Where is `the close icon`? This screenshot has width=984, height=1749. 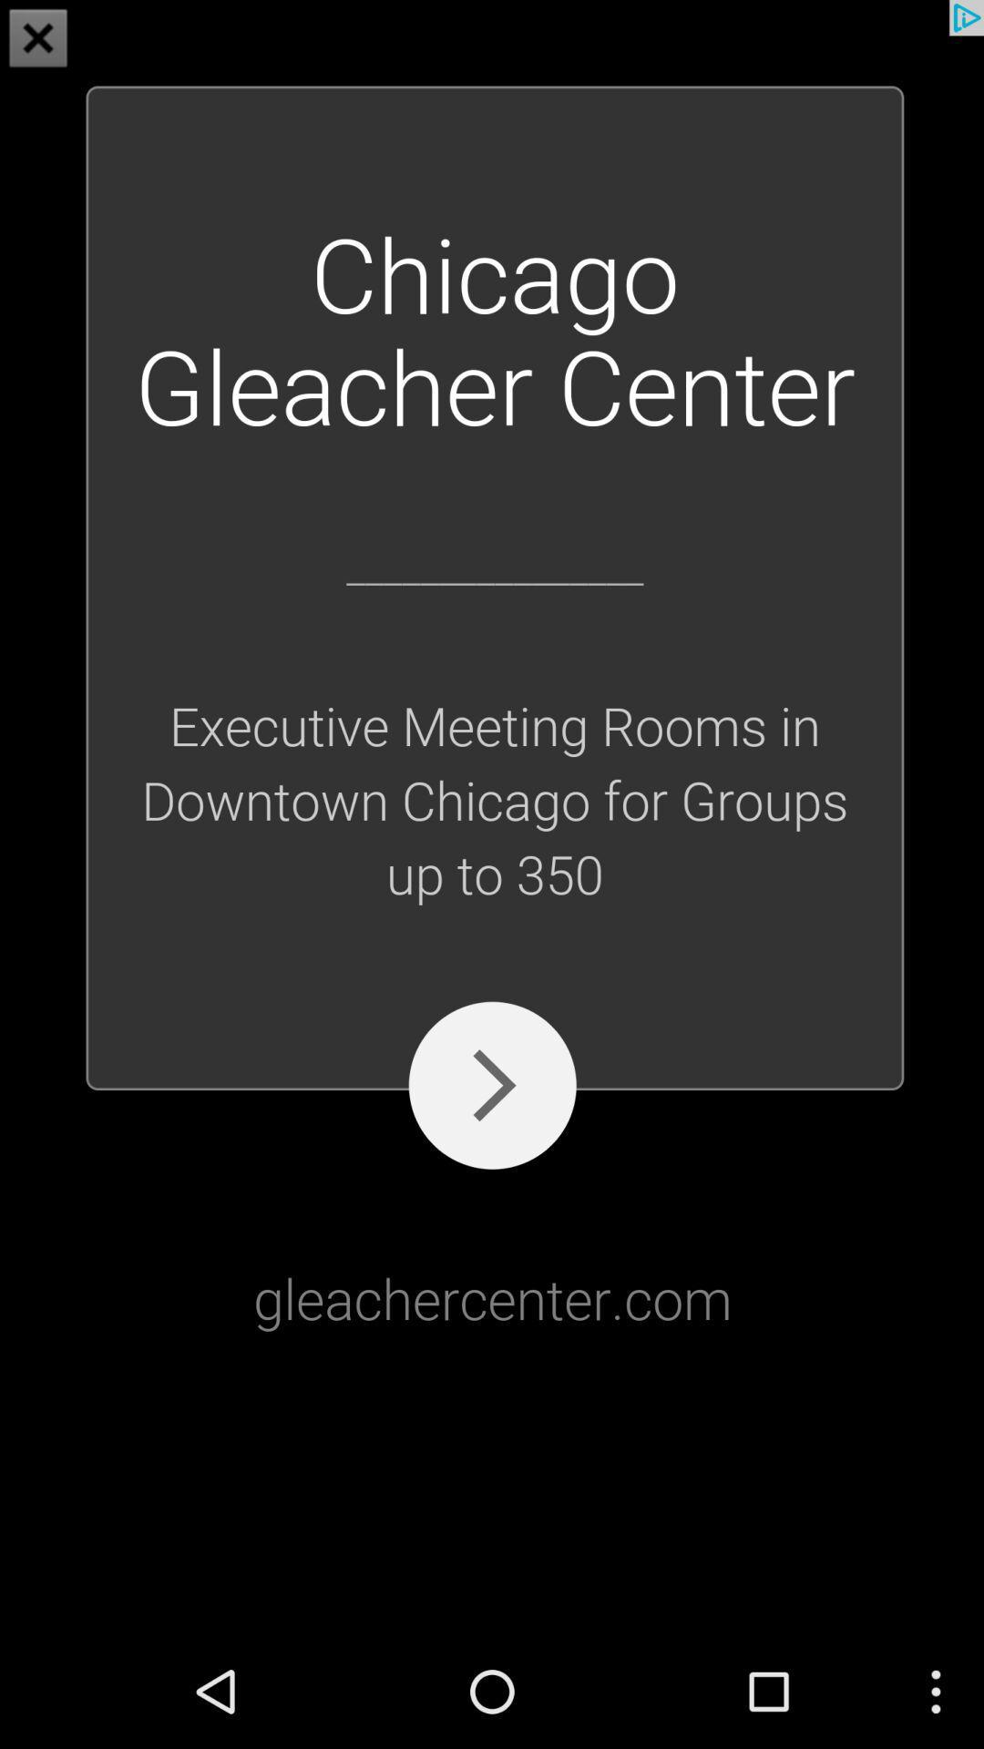 the close icon is located at coordinates (38, 40).